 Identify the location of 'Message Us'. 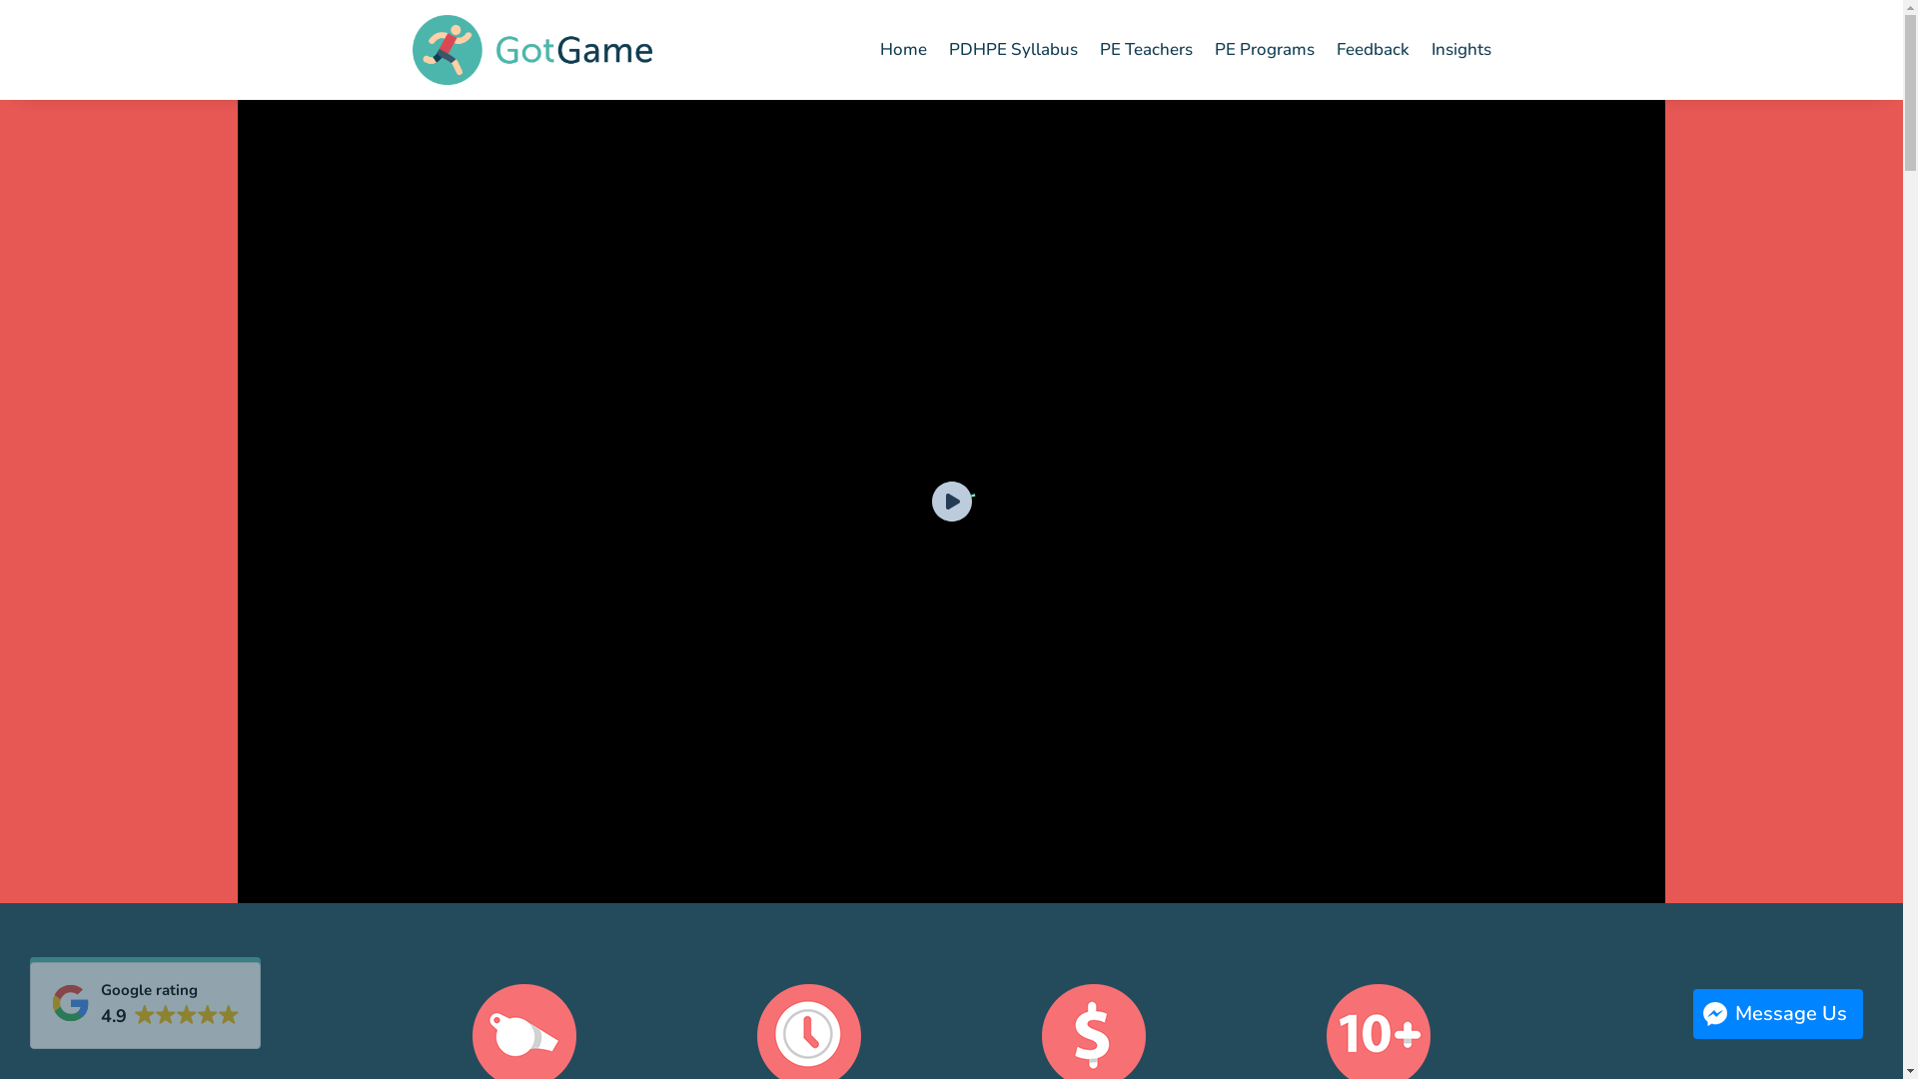
(1778, 1013).